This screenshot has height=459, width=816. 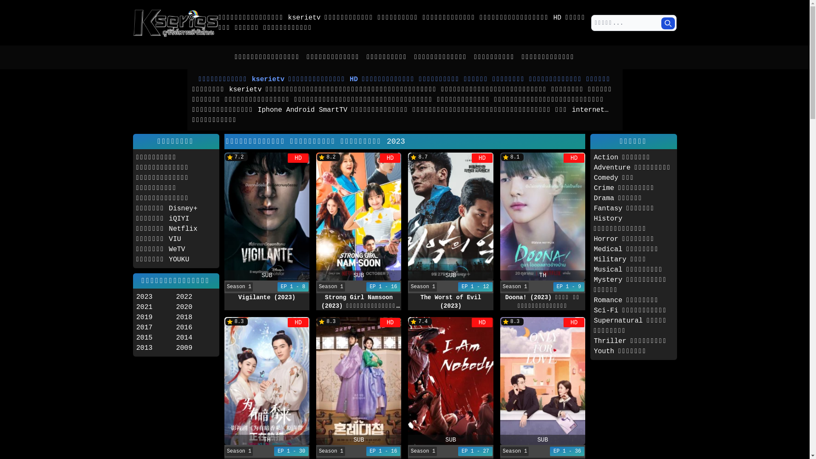 I want to click on '2018', so click(x=195, y=317).